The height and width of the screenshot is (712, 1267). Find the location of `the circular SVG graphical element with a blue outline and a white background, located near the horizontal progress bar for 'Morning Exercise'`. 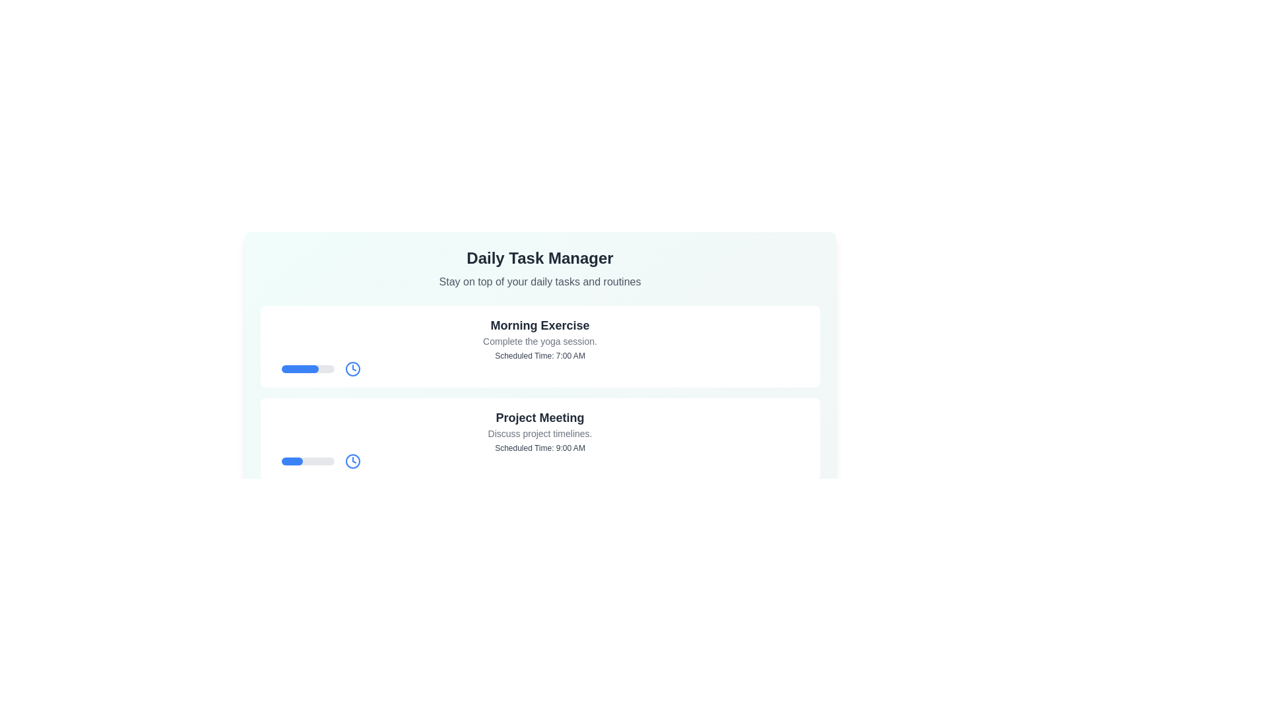

the circular SVG graphical element with a blue outline and a white background, located near the horizontal progress bar for 'Morning Exercise' is located at coordinates (352, 369).